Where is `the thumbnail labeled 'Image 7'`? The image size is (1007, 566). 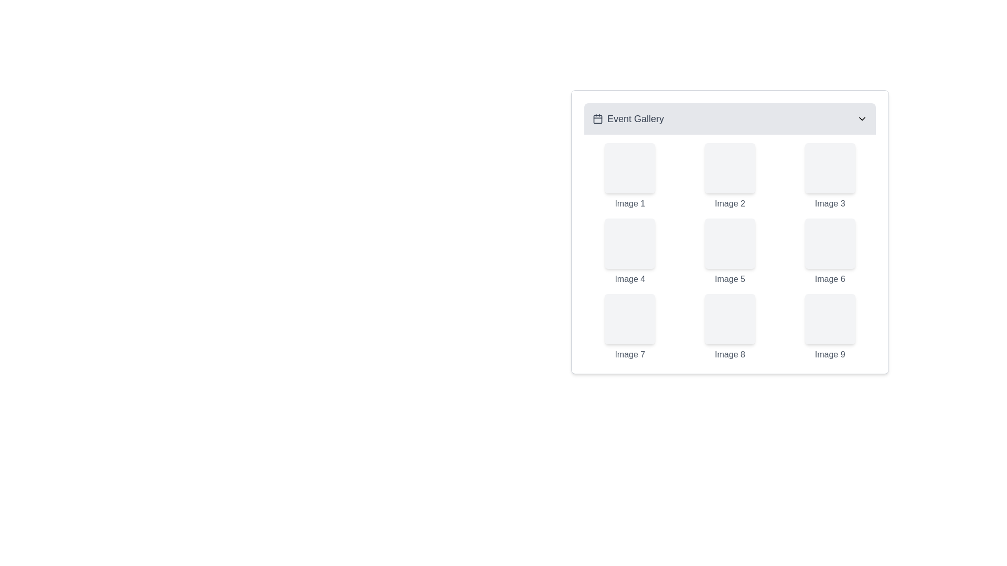
the thumbnail labeled 'Image 7' is located at coordinates (629, 326).